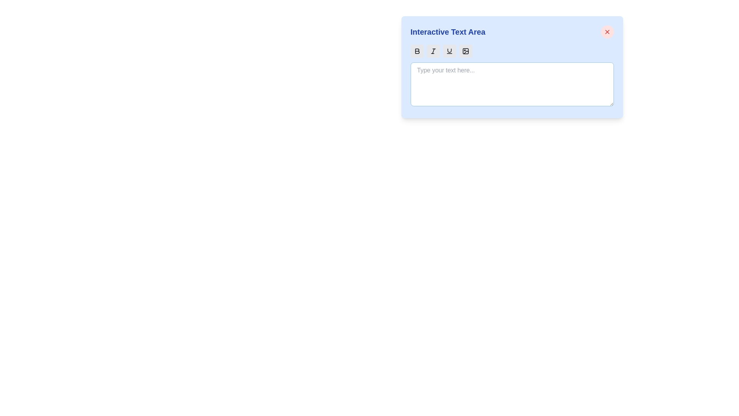  Describe the element at coordinates (465, 51) in the screenshot. I see `the fourth icon button in the horizontal sequence of buttons in the toolbar at the top-right section of the Interactive Text Area` at that location.